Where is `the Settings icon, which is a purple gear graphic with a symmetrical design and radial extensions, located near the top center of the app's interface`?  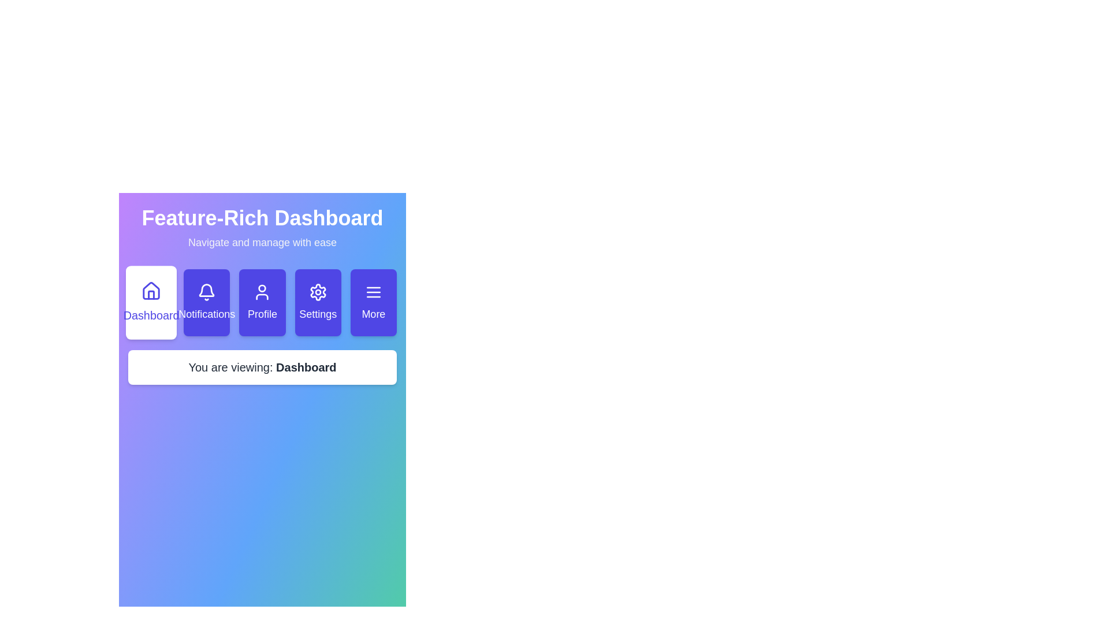
the Settings icon, which is a purple gear graphic with a symmetrical design and radial extensions, located near the top center of the app's interface is located at coordinates (318, 291).